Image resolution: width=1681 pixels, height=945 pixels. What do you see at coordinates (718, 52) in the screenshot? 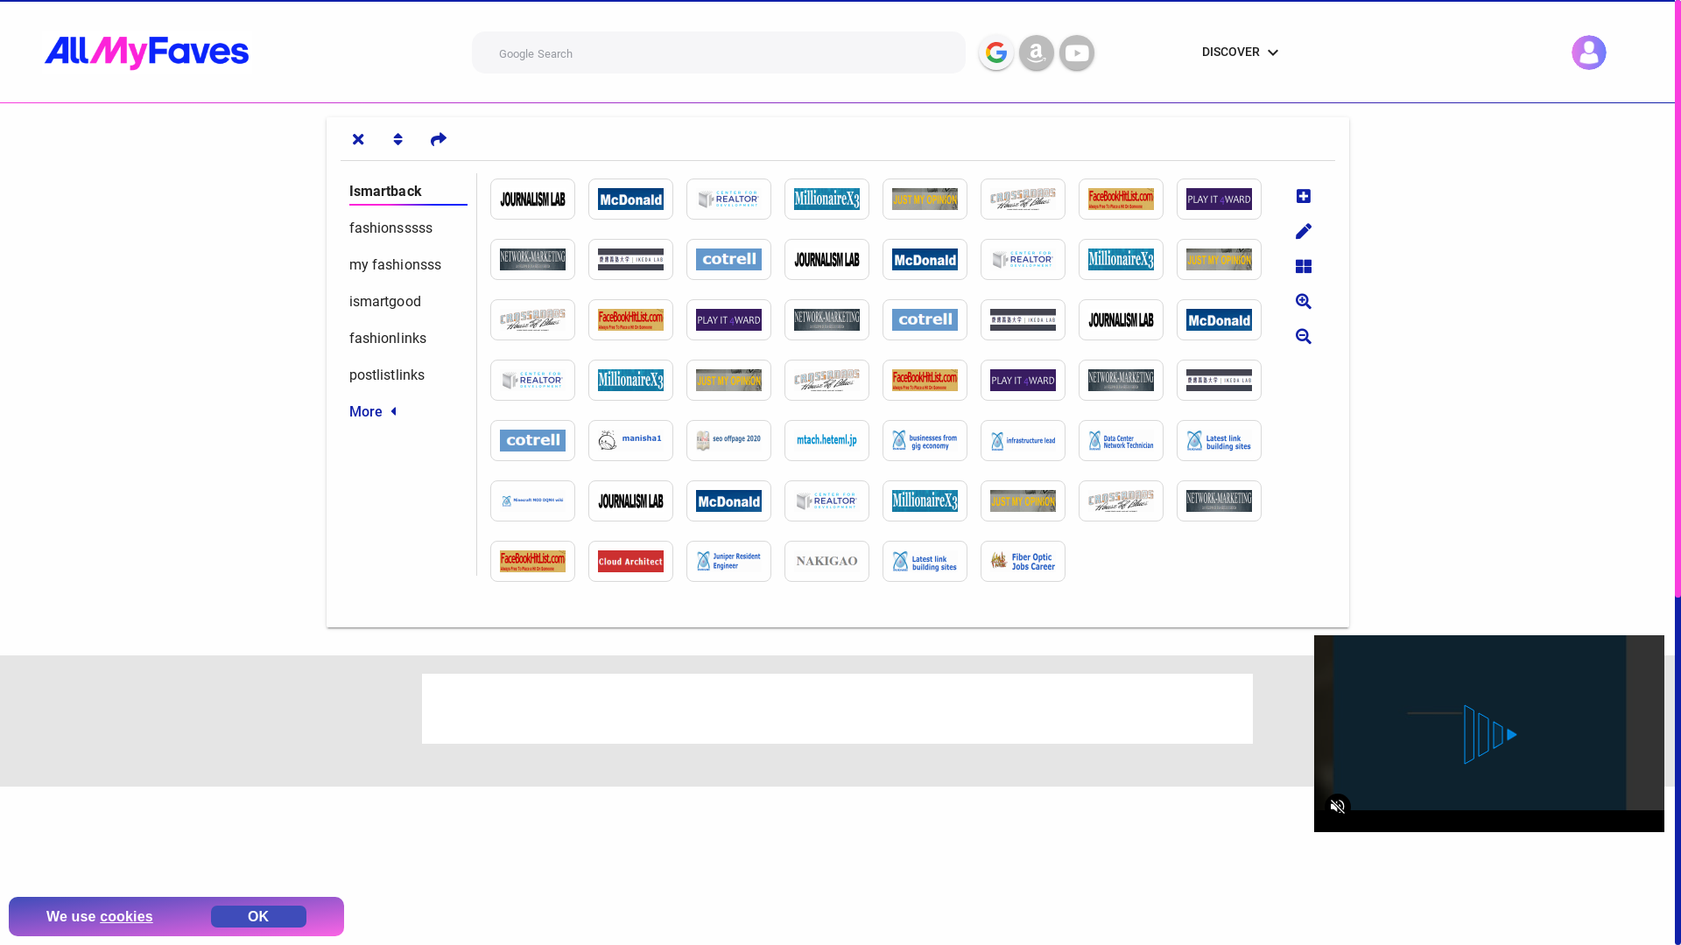
I see `'Enter your query and then select the search engine'` at bounding box center [718, 52].